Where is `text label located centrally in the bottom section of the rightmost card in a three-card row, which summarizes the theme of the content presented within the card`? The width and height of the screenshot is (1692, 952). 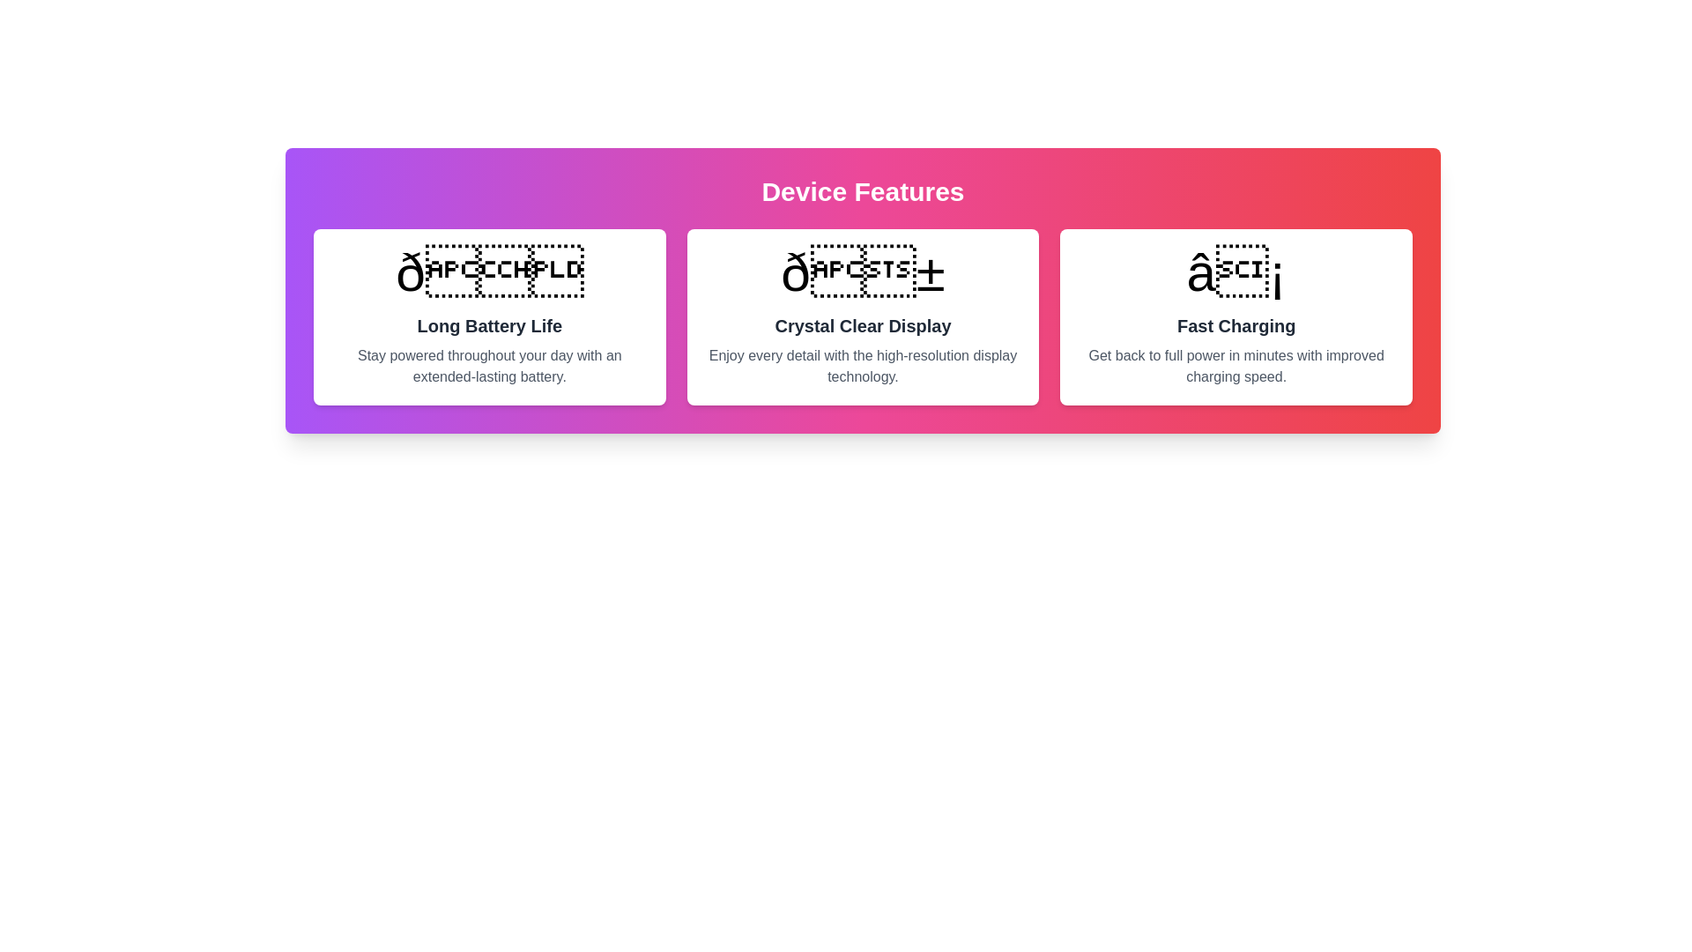
text label located centrally in the bottom section of the rightmost card in a three-card row, which summarizes the theme of the content presented within the card is located at coordinates (1236, 326).